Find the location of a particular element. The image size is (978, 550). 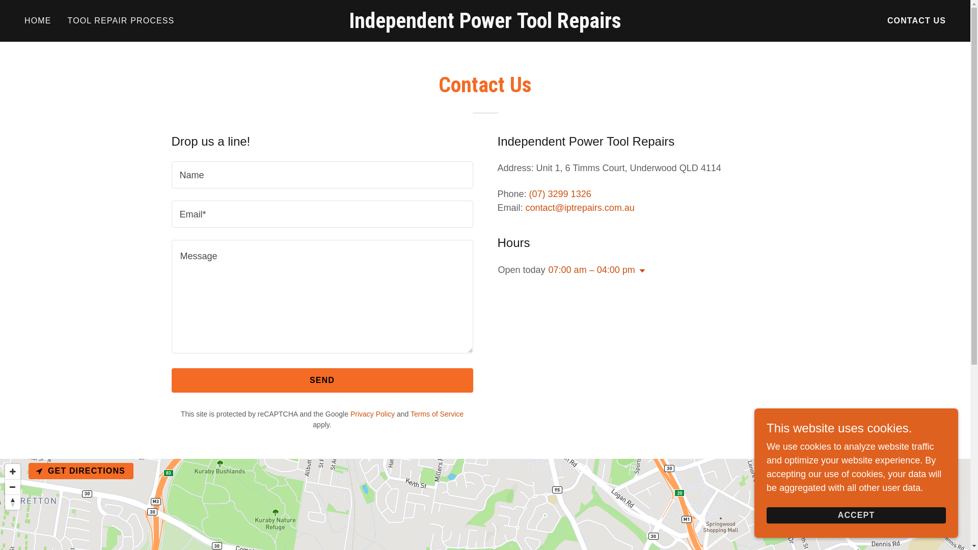

'TOOL REPAIR PROCESS' is located at coordinates (121, 21).